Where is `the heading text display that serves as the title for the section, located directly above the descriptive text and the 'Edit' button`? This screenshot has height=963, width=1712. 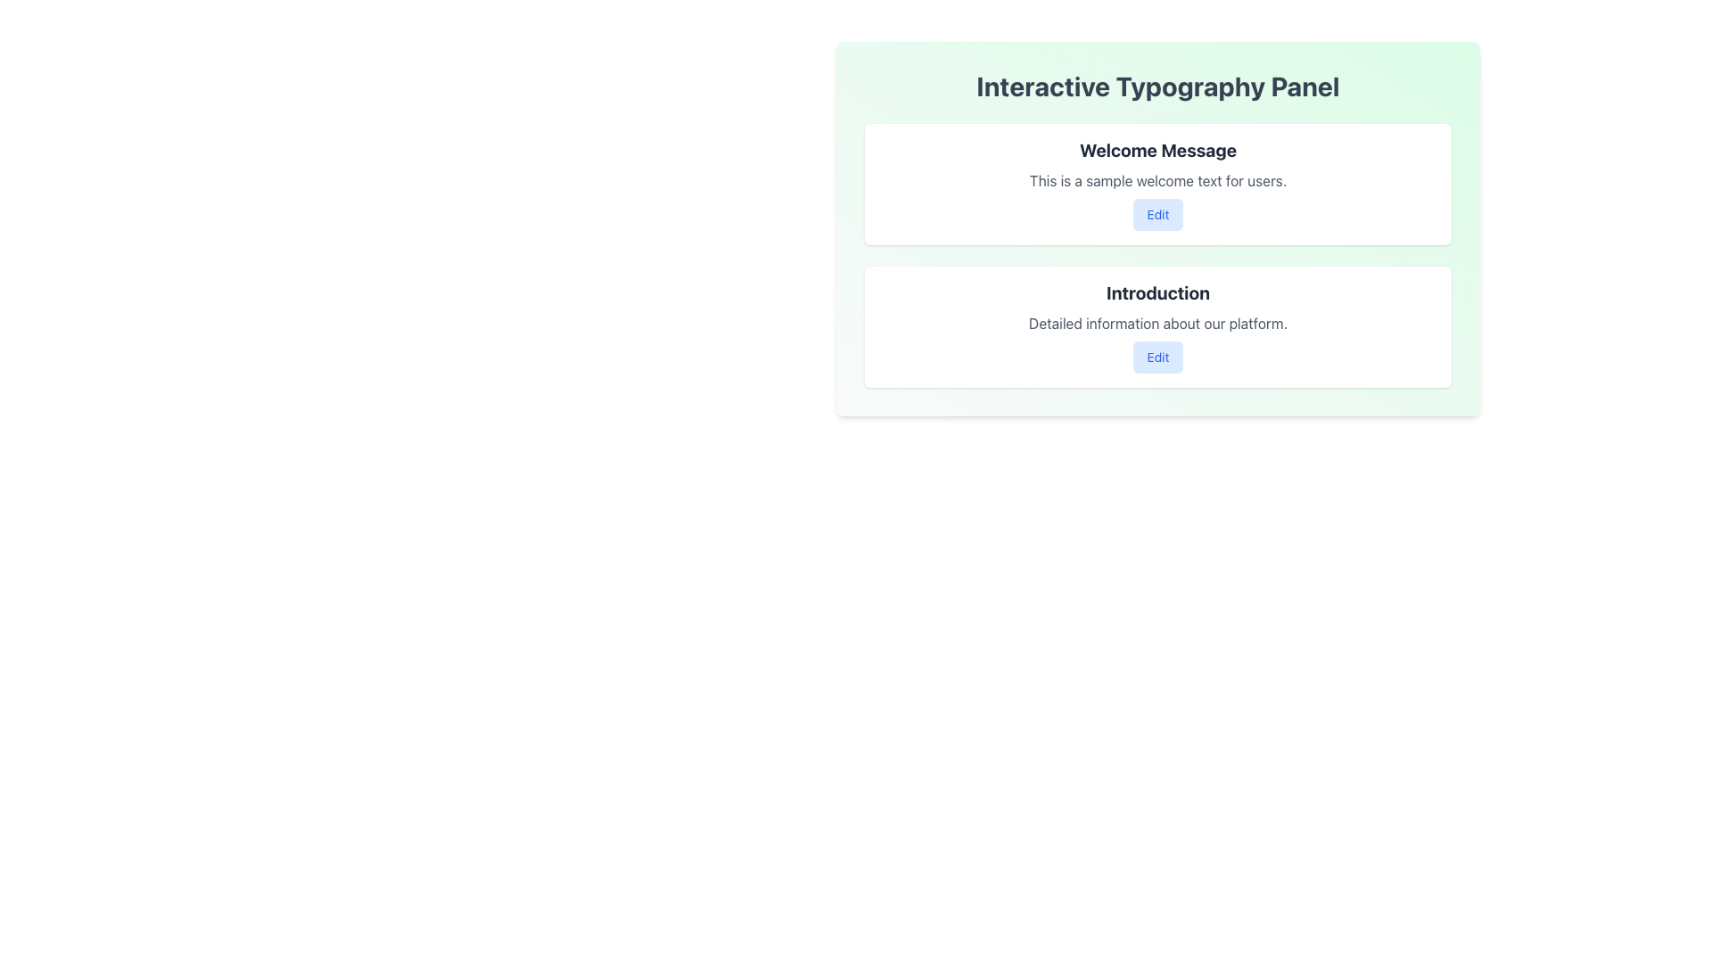
the heading text display that serves as the title for the section, located directly above the descriptive text and the 'Edit' button is located at coordinates (1158, 150).